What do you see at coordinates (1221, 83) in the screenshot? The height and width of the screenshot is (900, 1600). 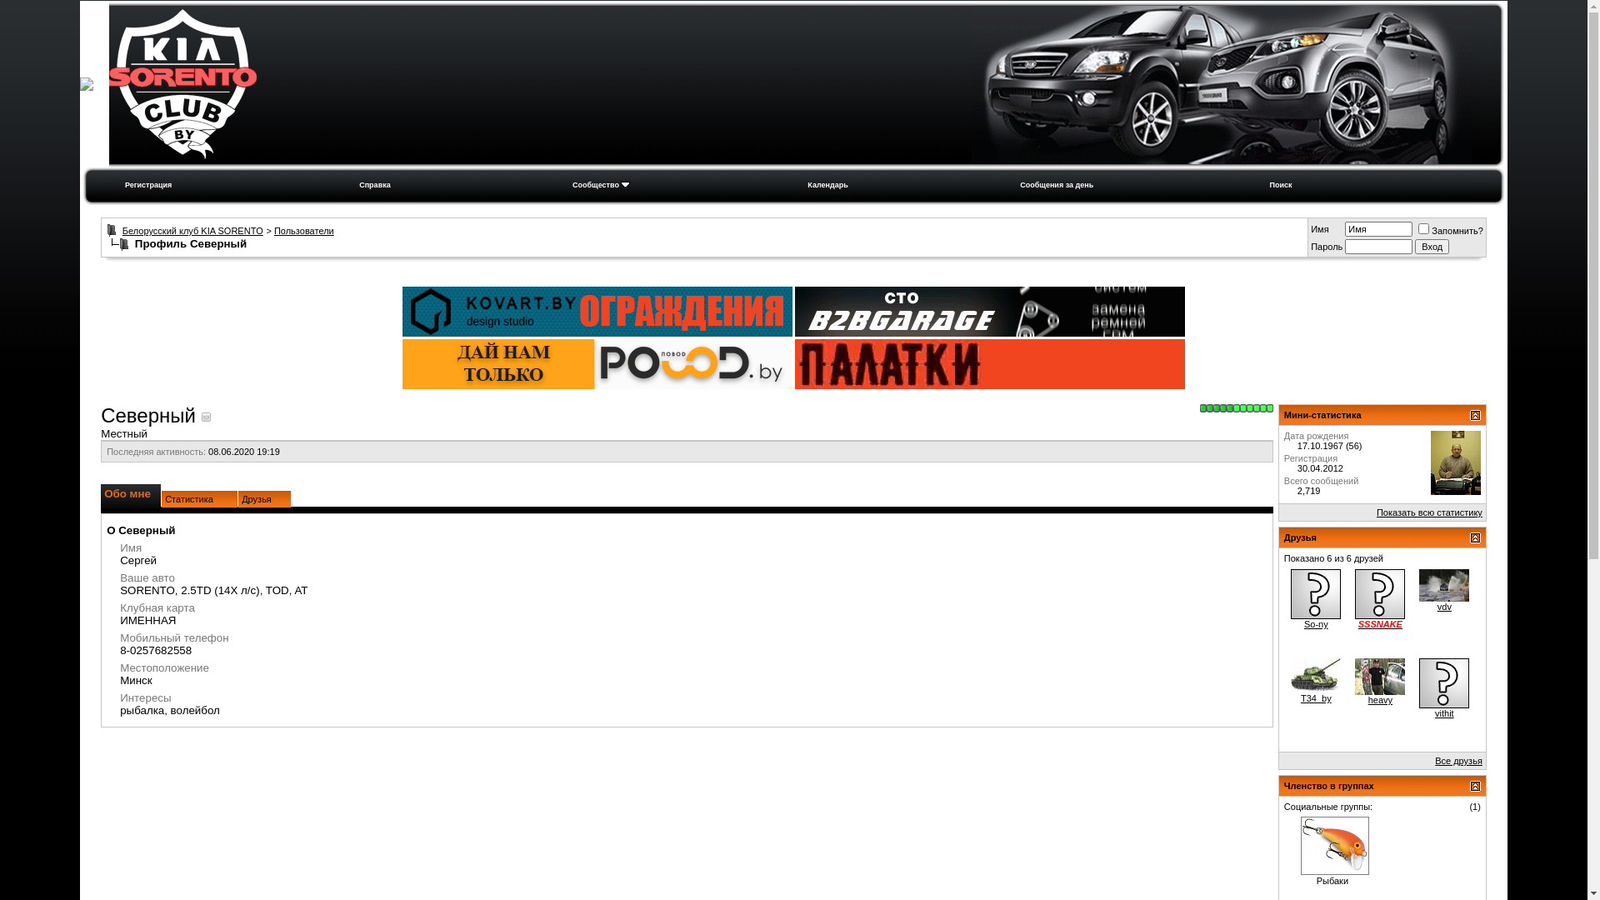 I see `'KIA-SORENTO-CLUB.BY'` at bounding box center [1221, 83].